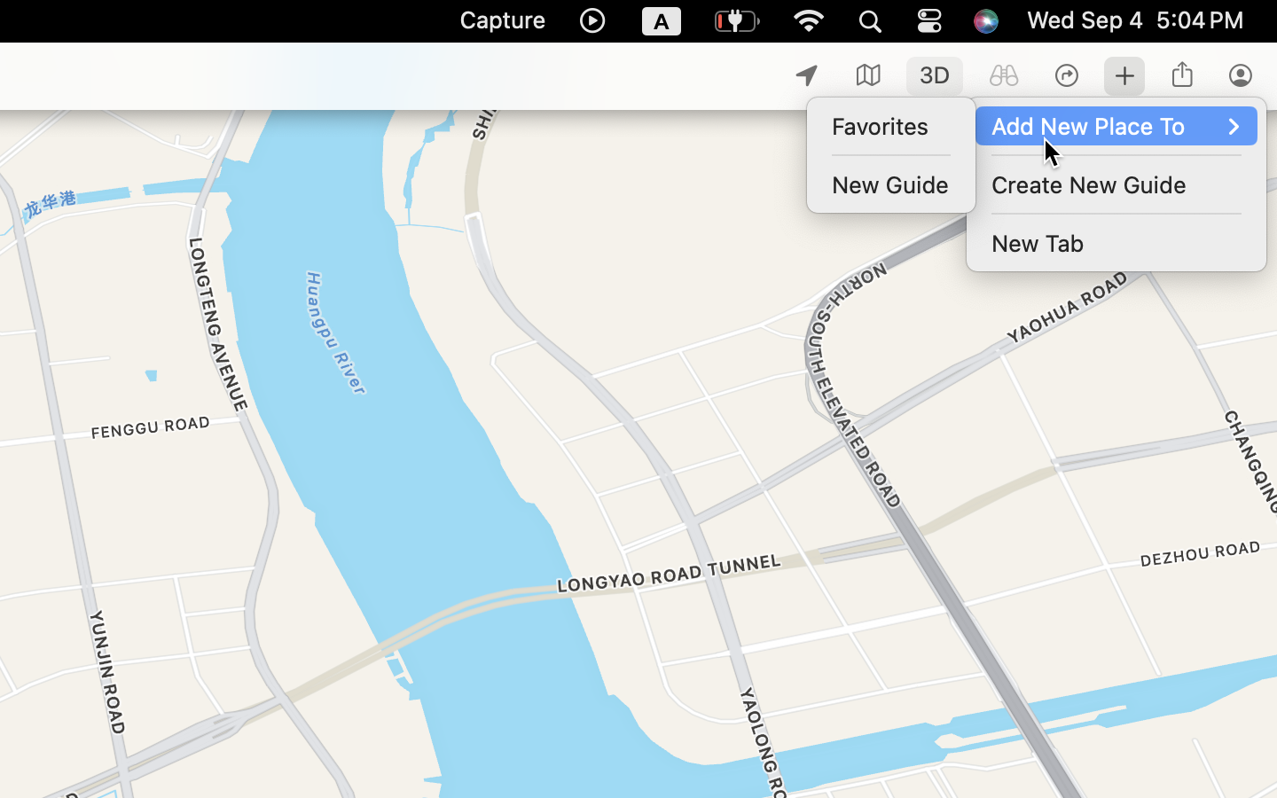 The width and height of the screenshot is (1277, 798). What do you see at coordinates (934, 75) in the screenshot?
I see `'1'` at bounding box center [934, 75].